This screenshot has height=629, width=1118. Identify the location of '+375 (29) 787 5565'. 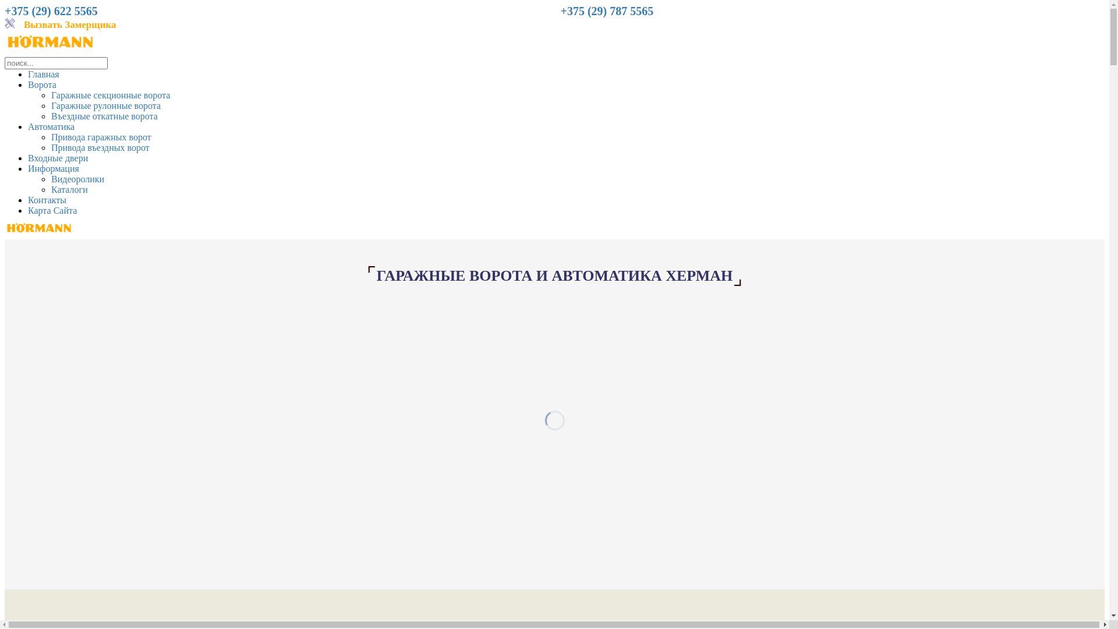
(606, 12).